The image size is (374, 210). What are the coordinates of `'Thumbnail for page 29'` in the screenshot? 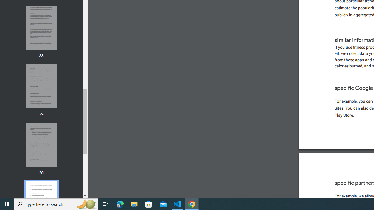 It's located at (41, 86).